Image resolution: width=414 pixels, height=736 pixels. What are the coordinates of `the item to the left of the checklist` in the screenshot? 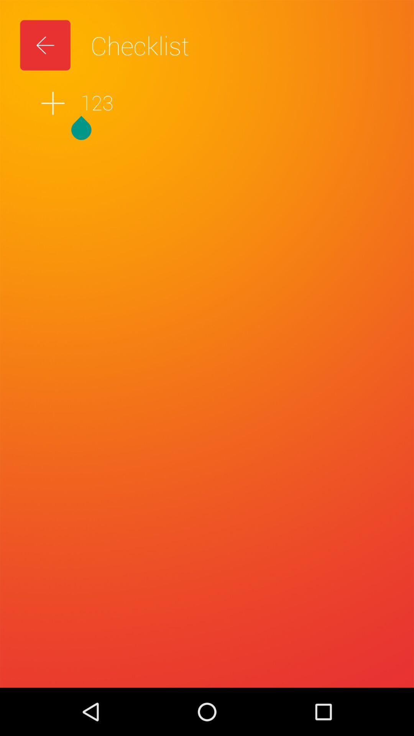 It's located at (45, 45).